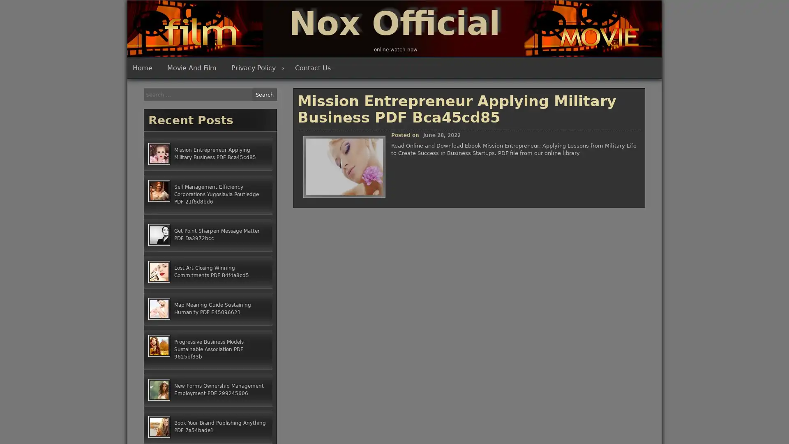 The image size is (789, 444). What do you see at coordinates (264, 94) in the screenshot?
I see `Search` at bounding box center [264, 94].